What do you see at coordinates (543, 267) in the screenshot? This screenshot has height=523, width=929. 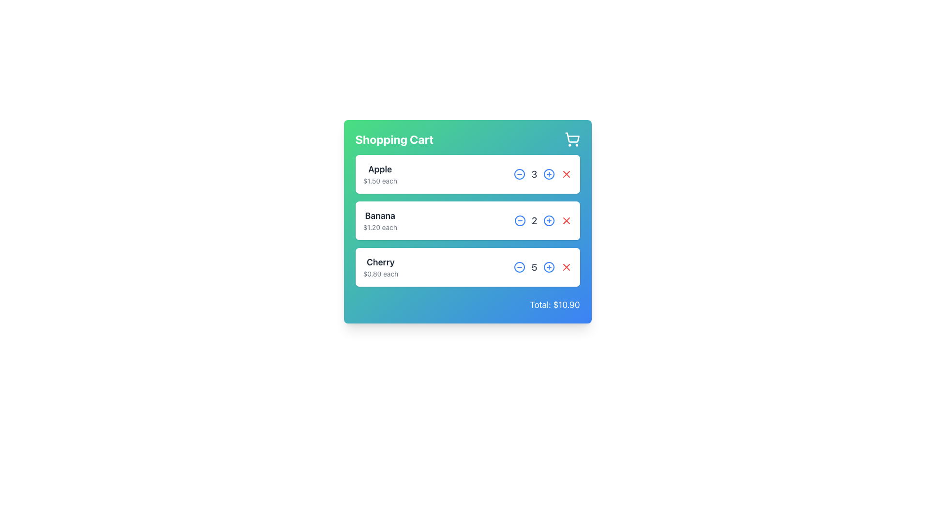 I see `the quantity selector component for the 'Cherry' item in the shopping cart to provide user feedback` at bounding box center [543, 267].